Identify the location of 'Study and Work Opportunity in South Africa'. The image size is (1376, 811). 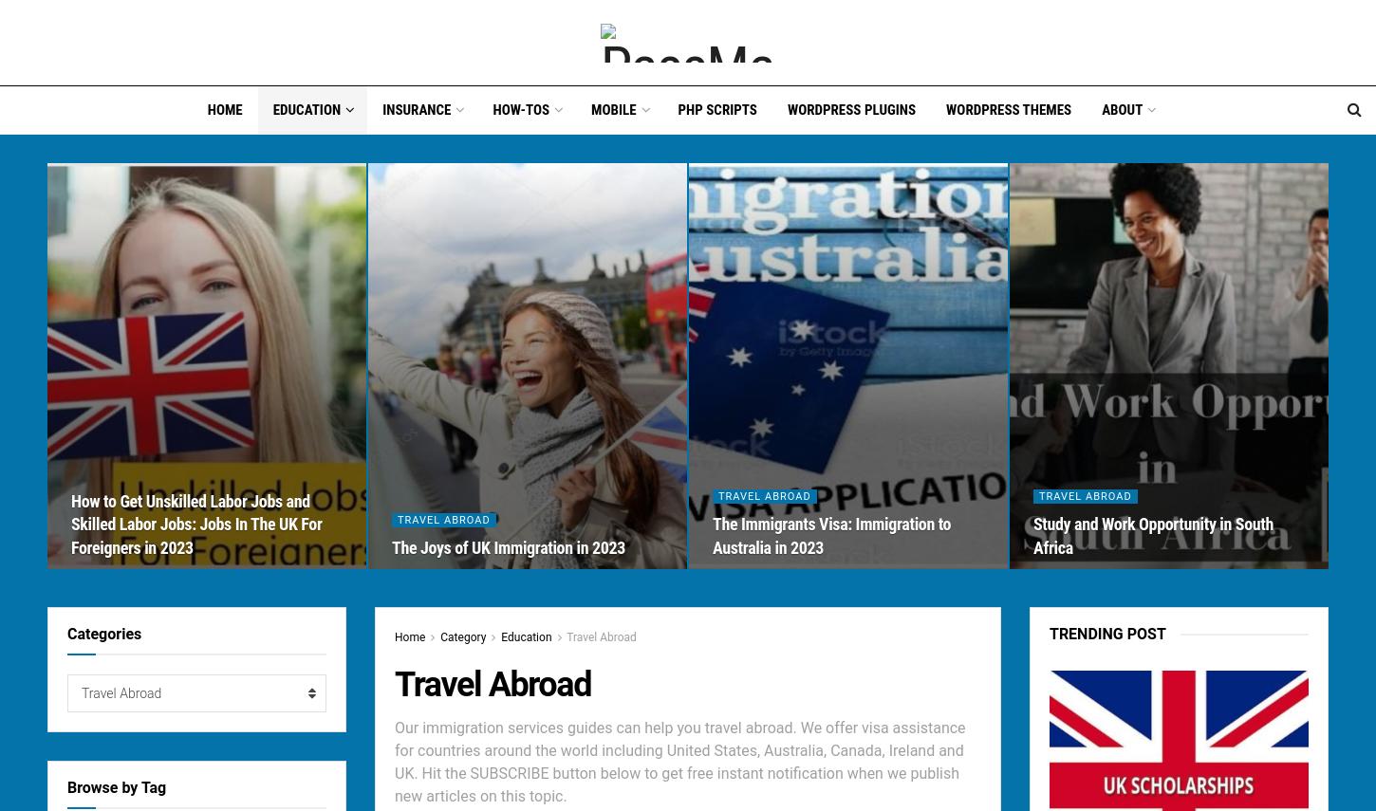
(1152, 534).